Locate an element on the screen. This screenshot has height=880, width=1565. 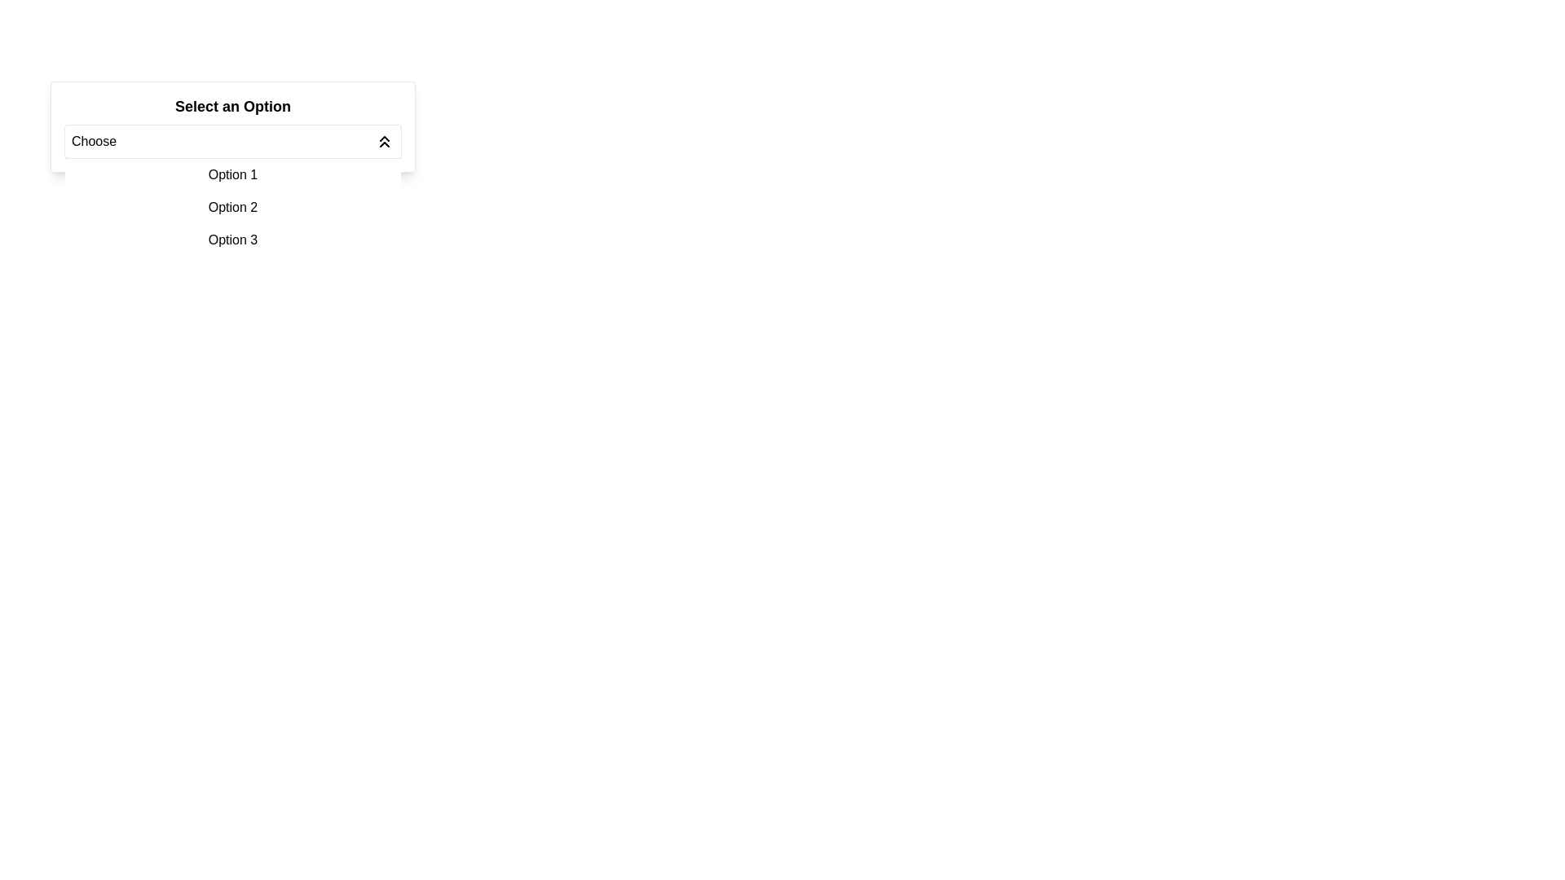
the upward double chevron icon within the dropdown labeled 'Choose' to open the menu options is located at coordinates (383, 140).